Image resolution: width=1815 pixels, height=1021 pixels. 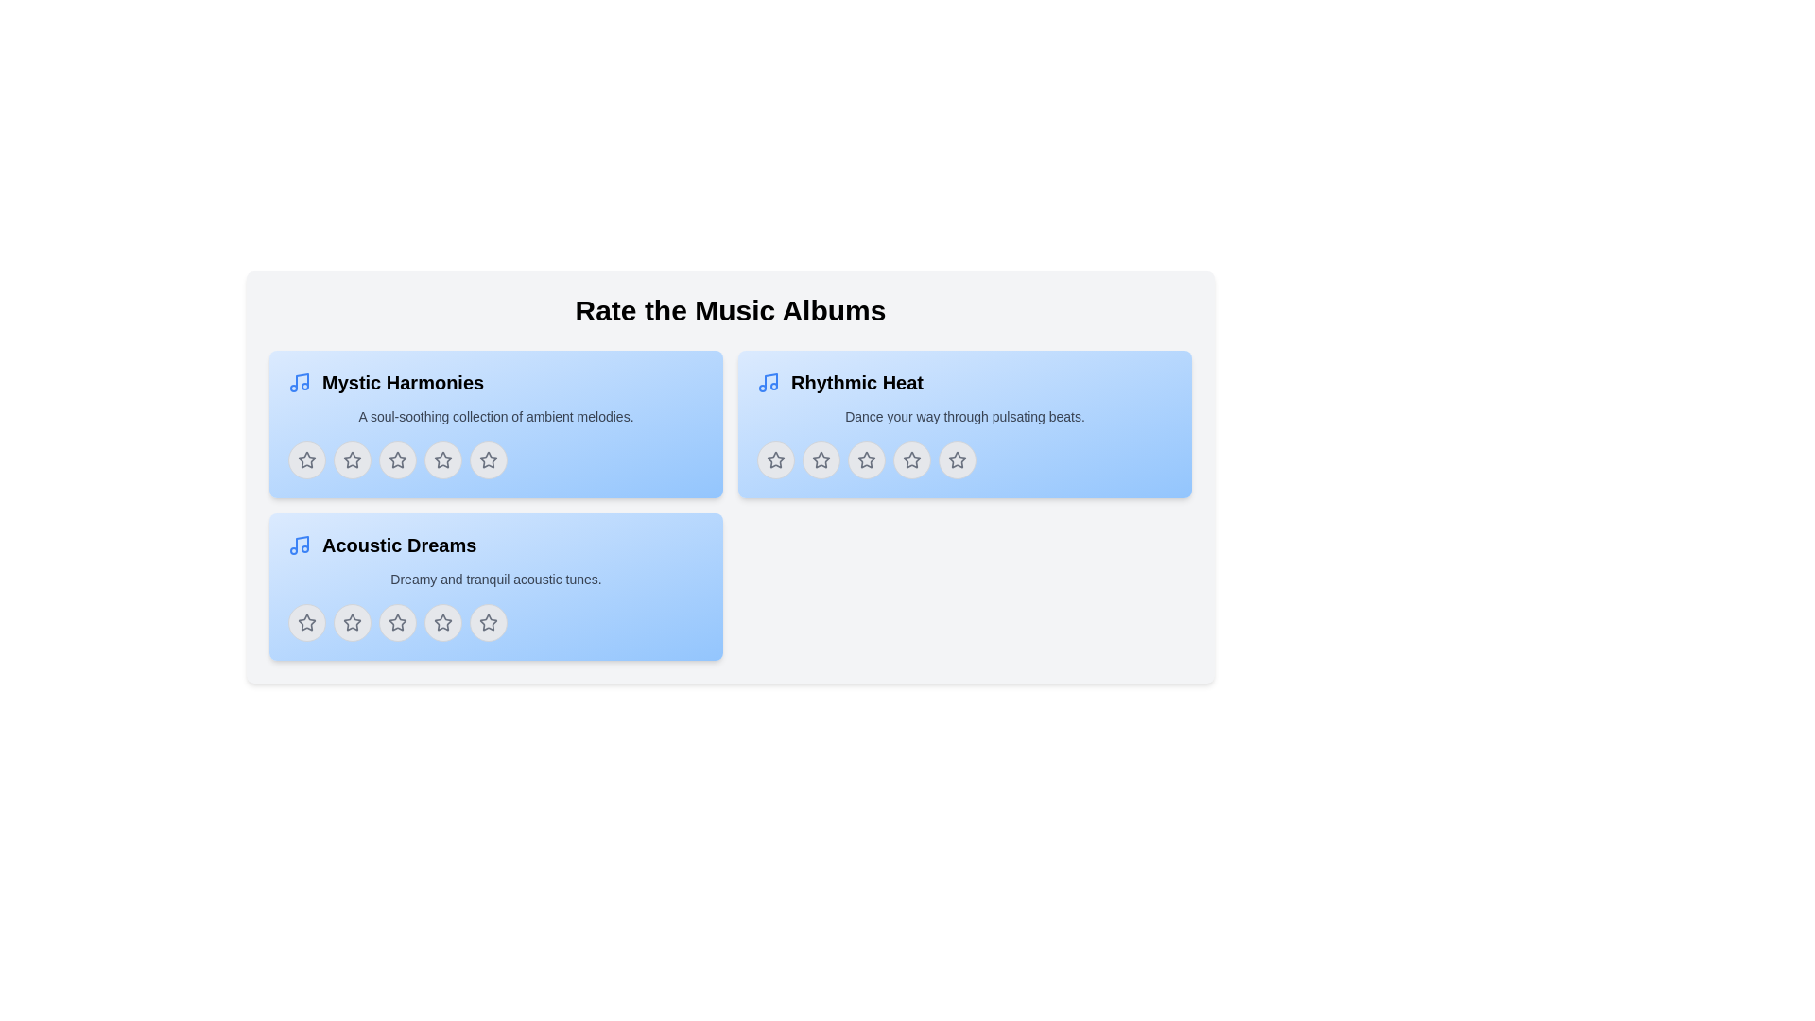 I want to click on the first star in the rating row for the 'Rhythmic Heat' album to rate it, so click(x=775, y=459).